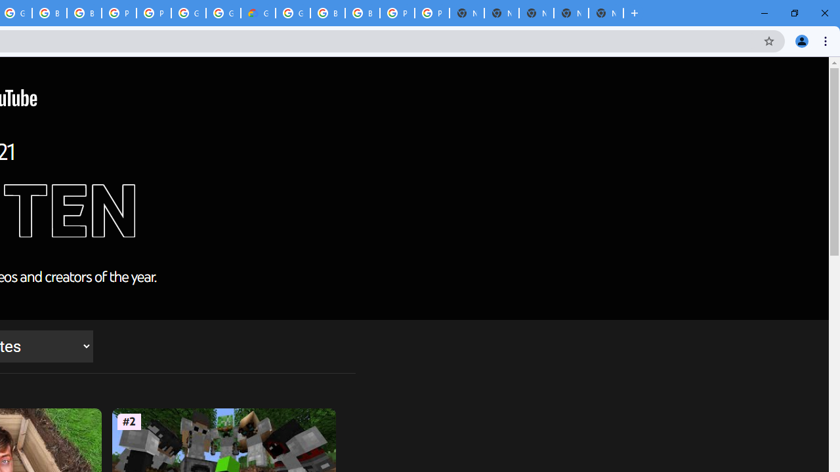 This screenshot has height=472, width=840. Describe the element at coordinates (83, 13) in the screenshot. I see `'Browse Chrome as a guest - Computer - Google Chrome Help'` at that location.